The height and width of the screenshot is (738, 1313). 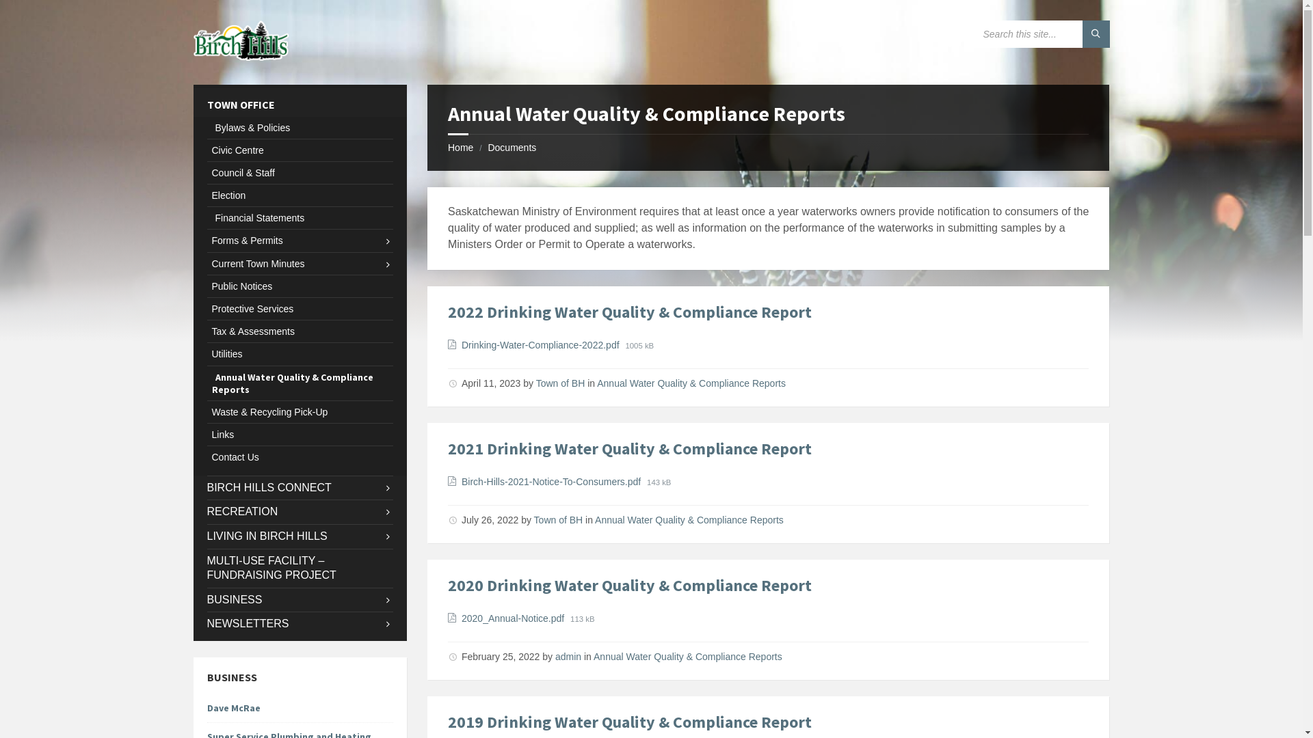 What do you see at coordinates (460, 148) in the screenshot?
I see `'Home'` at bounding box center [460, 148].